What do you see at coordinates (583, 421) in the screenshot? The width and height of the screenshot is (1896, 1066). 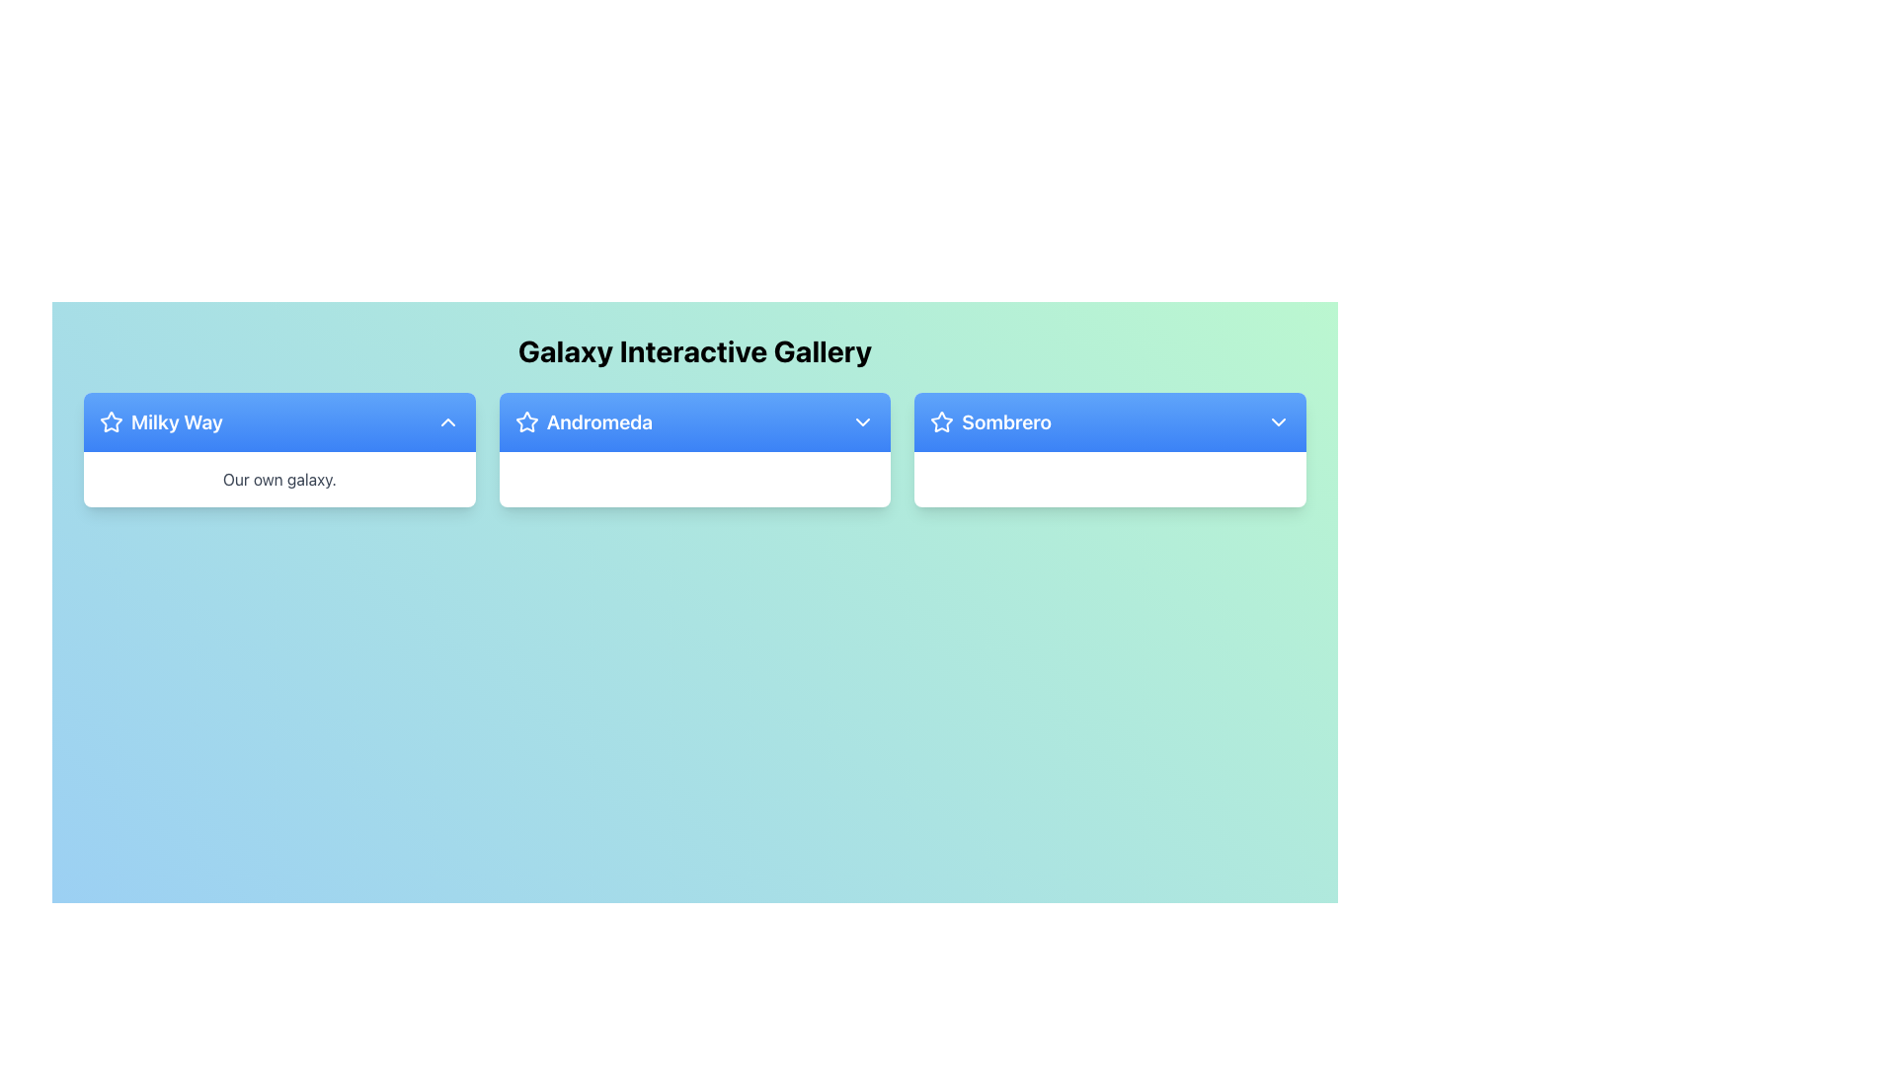 I see `text label located in the blue gradient header bar, which is styled with a bold font and positioned to the right of a star-shaped icon in the central card` at bounding box center [583, 421].